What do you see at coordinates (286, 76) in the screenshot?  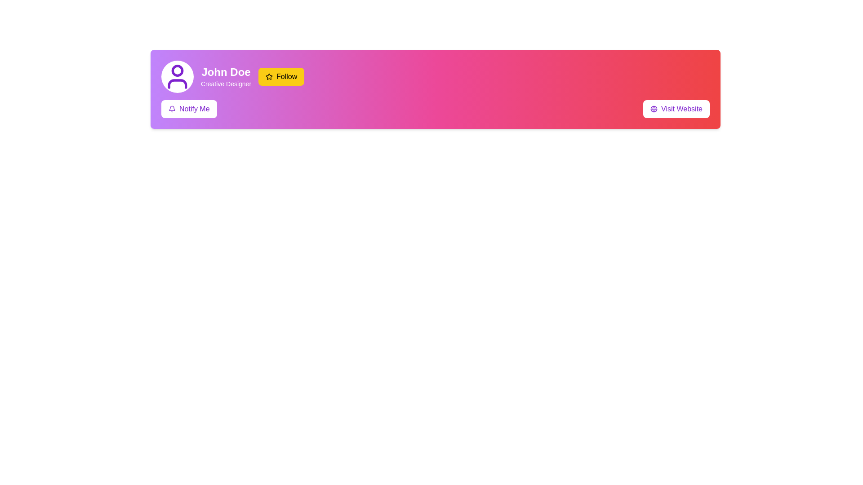 I see `text 'Follow' from the bold text label within the yellow button, which is located in the top-right of the content card` at bounding box center [286, 76].